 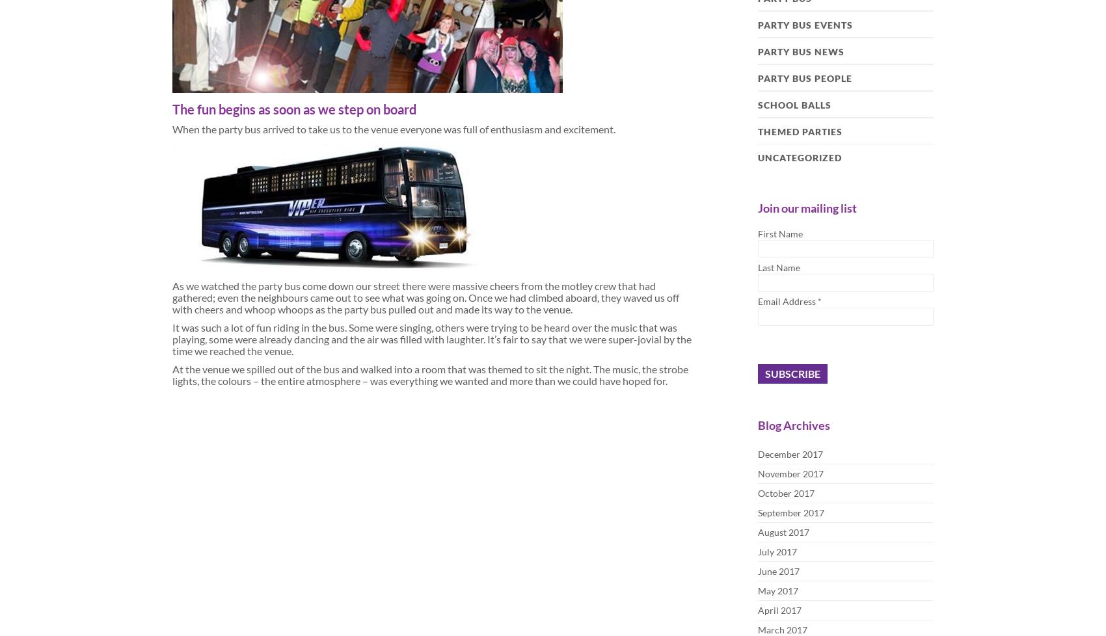 What do you see at coordinates (787, 300) in the screenshot?
I see `'Email Address'` at bounding box center [787, 300].